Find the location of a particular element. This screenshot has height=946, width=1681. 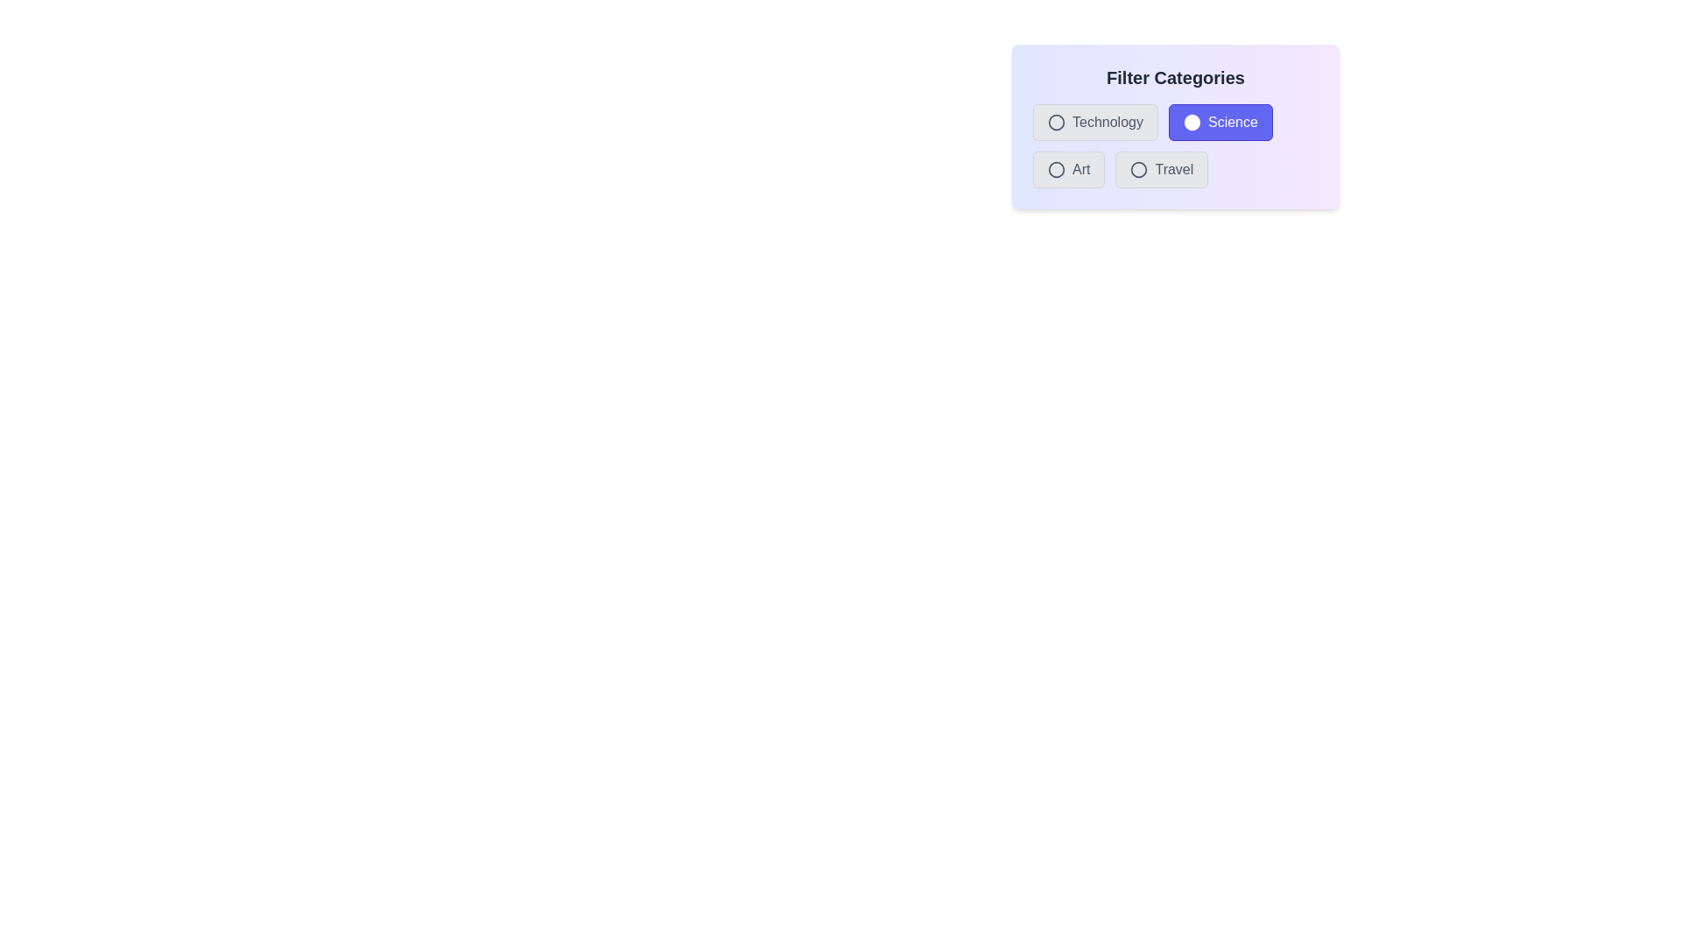

the Travel button to observe the hover effect is located at coordinates (1162, 169).